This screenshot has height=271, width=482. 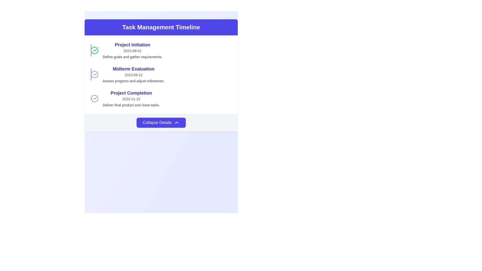 I want to click on the text label displaying the date '2023-08-01', which is styled in light gray and positioned under the 'Project Initiation' title, so click(x=133, y=51).